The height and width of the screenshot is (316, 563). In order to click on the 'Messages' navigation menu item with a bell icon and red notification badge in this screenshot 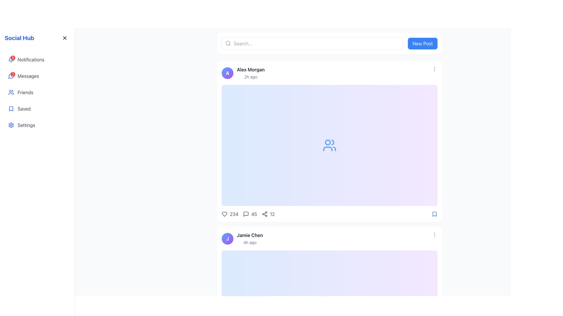, I will do `click(37, 75)`.